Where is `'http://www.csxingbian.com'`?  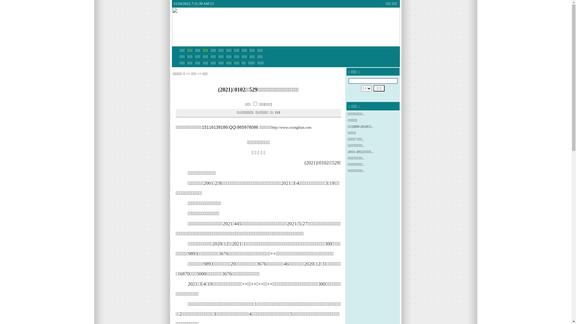 'http://www.csxingbian.com' is located at coordinates (271, 127).